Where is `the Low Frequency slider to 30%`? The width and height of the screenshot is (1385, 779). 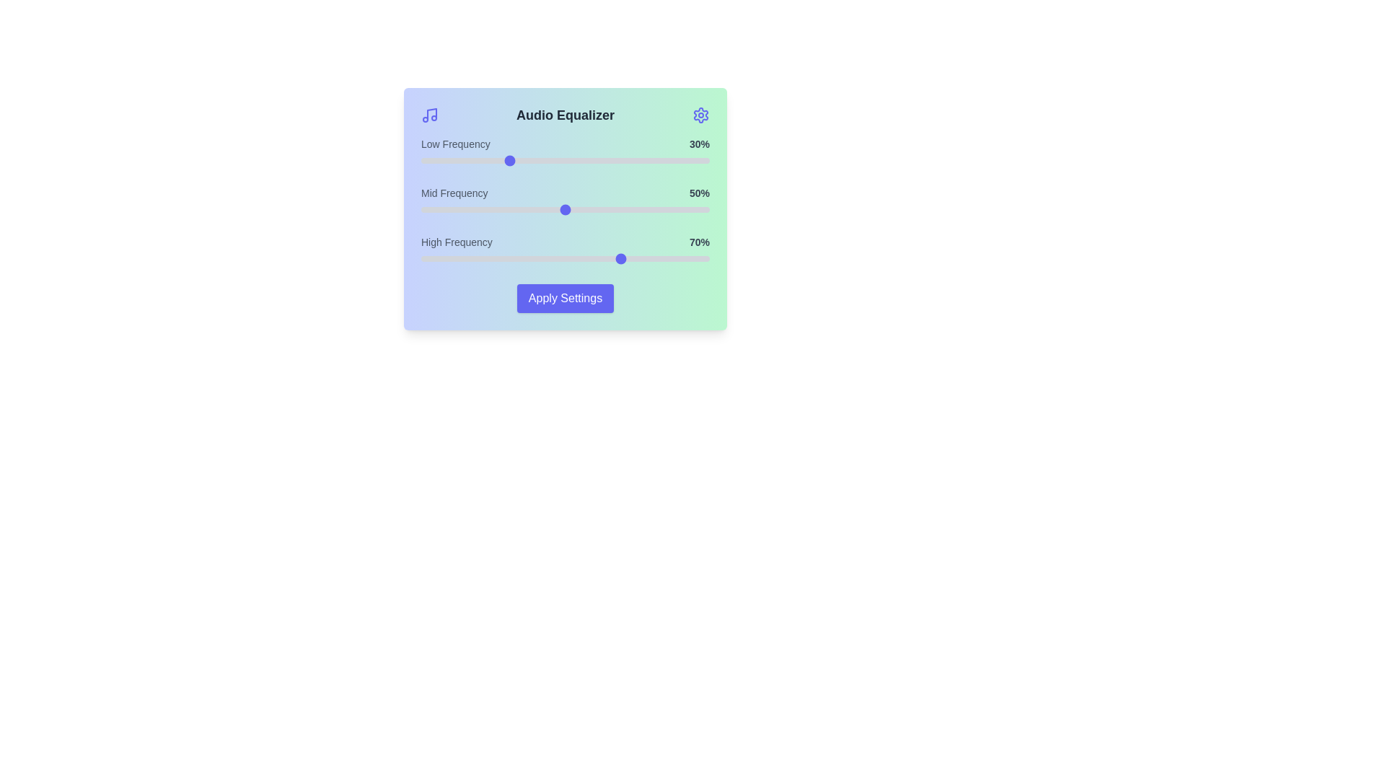
the Low Frequency slider to 30% is located at coordinates (508, 161).